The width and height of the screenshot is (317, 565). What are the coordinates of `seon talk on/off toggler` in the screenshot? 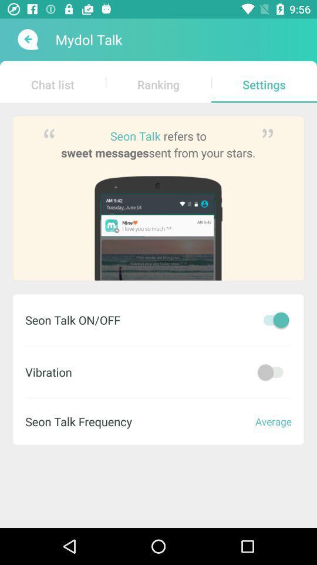 It's located at (273, 320).